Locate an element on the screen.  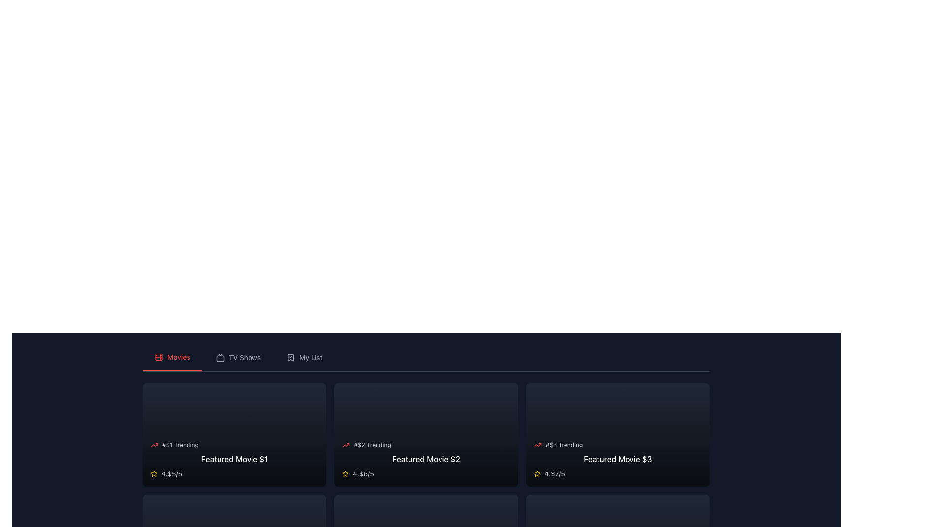
the 'TV Shows' button, which features a television icon and changes text color from gray to white on hover is located at coordinates (238, 358).